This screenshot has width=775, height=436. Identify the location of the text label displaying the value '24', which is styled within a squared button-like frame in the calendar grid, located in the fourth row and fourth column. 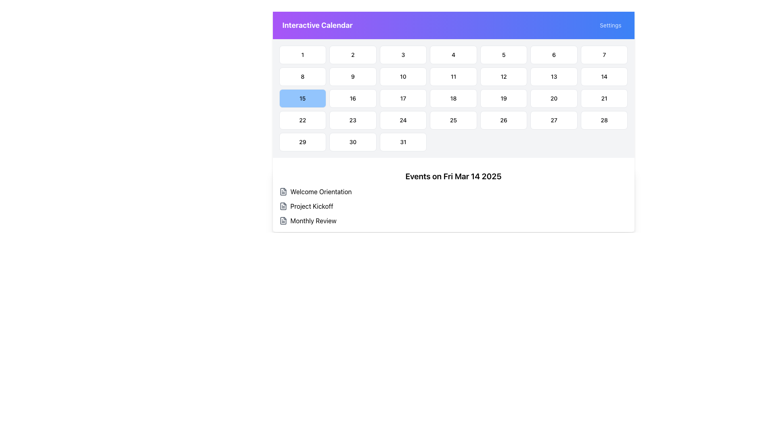
(403, 120).